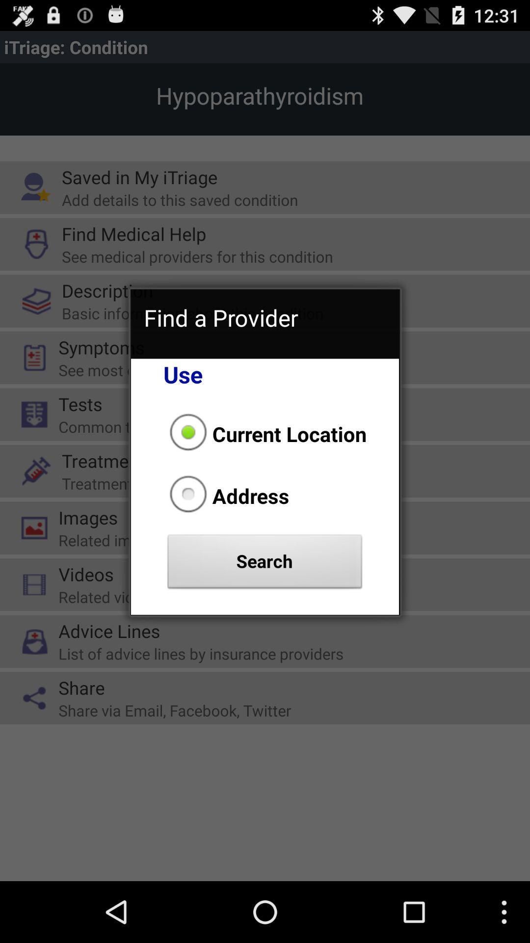 The image size is (530, 943). I want to click on the icon above search button, so click(226, 496).